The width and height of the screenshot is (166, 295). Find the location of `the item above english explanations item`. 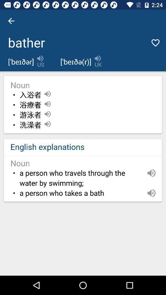

the item above english explanations item is located at coordinates (30, 125).